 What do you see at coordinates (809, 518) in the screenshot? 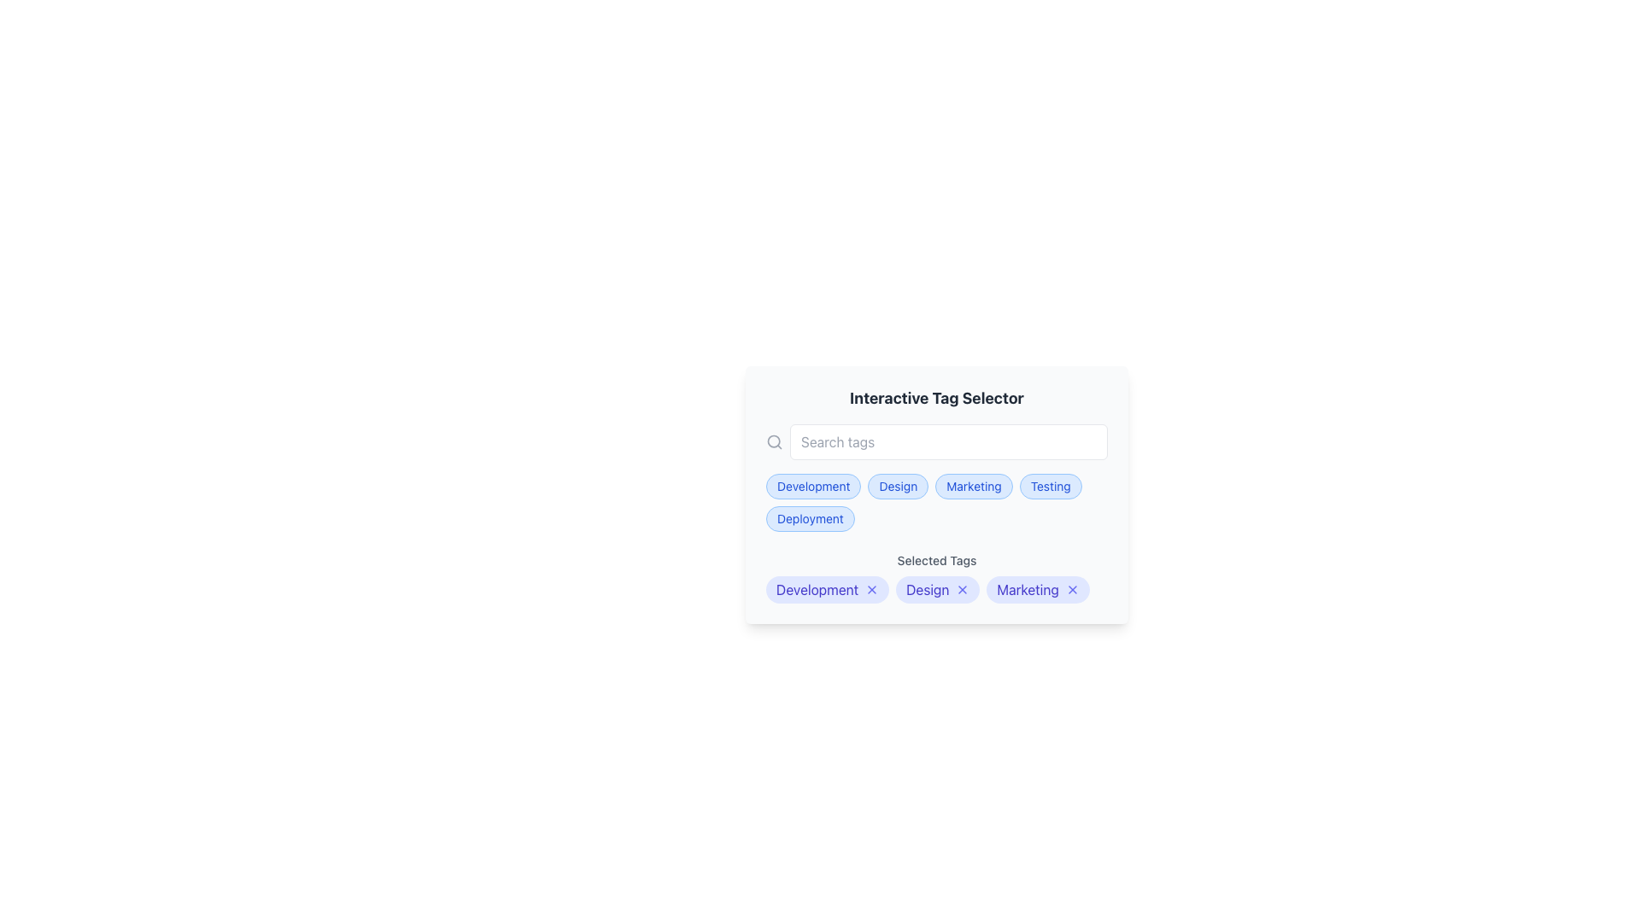
I see `the interactive tag button for the category 'Deployment'` at bounding box center [809, 518].